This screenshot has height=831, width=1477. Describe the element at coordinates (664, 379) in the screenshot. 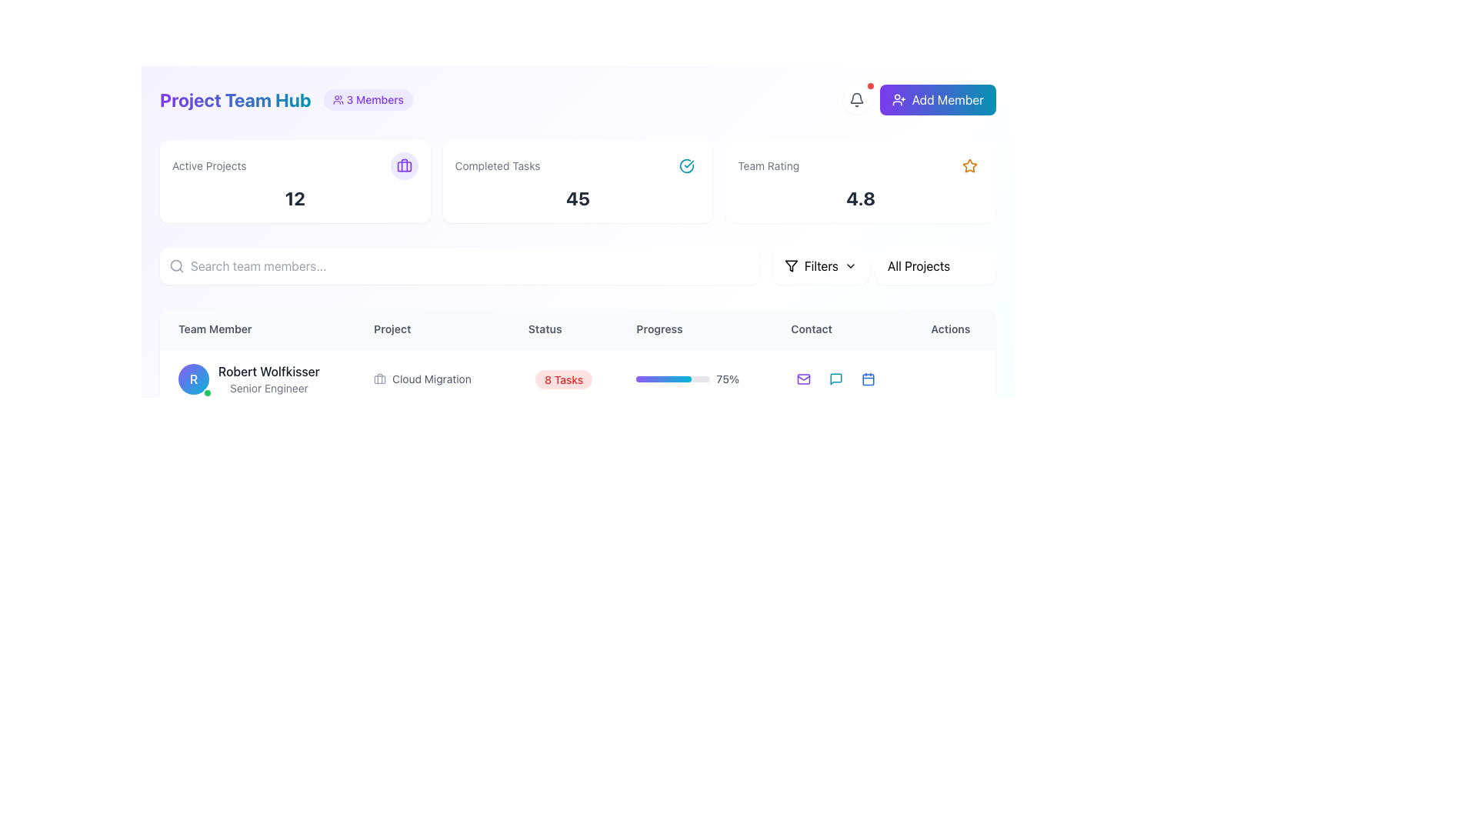

I see `the colored progress bar with a gradient background transitioning from violet to cyan, located in the 'Progress' column of the row for 'Robert Wolfkisser'` at that location.